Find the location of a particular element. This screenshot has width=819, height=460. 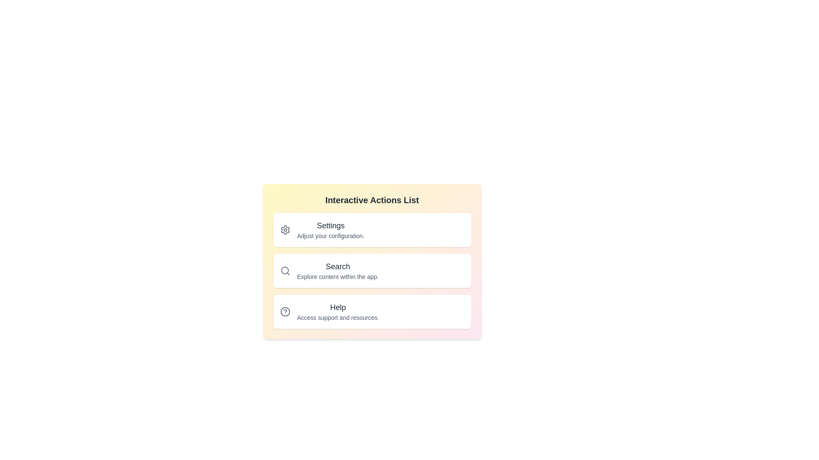

the 'Settings' item to navigate to configuration options is located at coordinates (330, 225).